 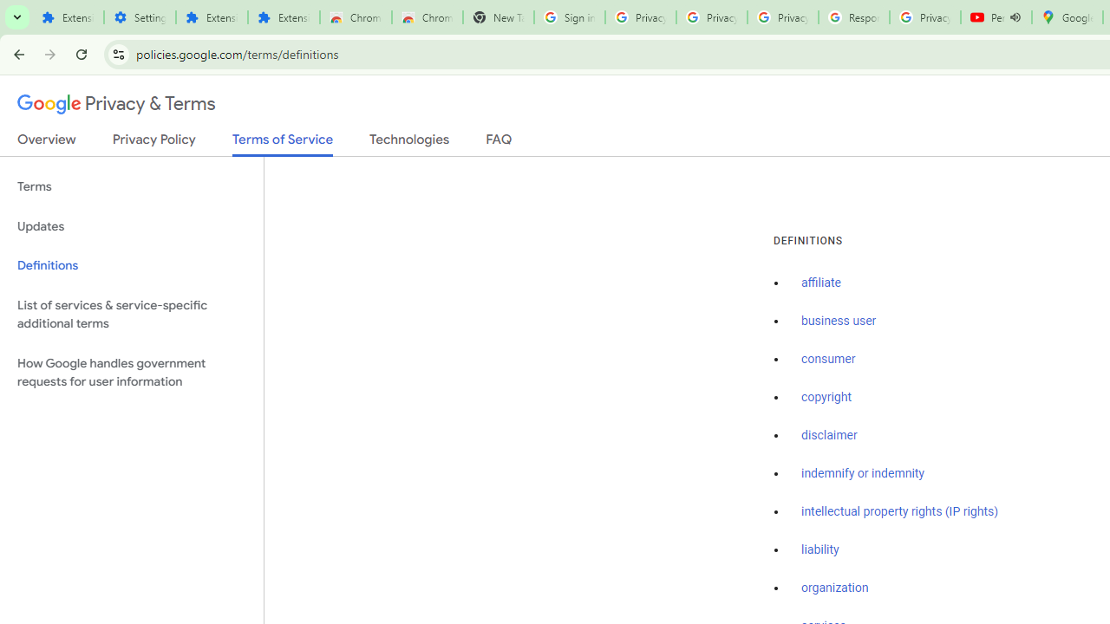 I want to click on 'Personalized AI for you | Gemini - YouTube - Audio playing', so click(x=996, y=17).